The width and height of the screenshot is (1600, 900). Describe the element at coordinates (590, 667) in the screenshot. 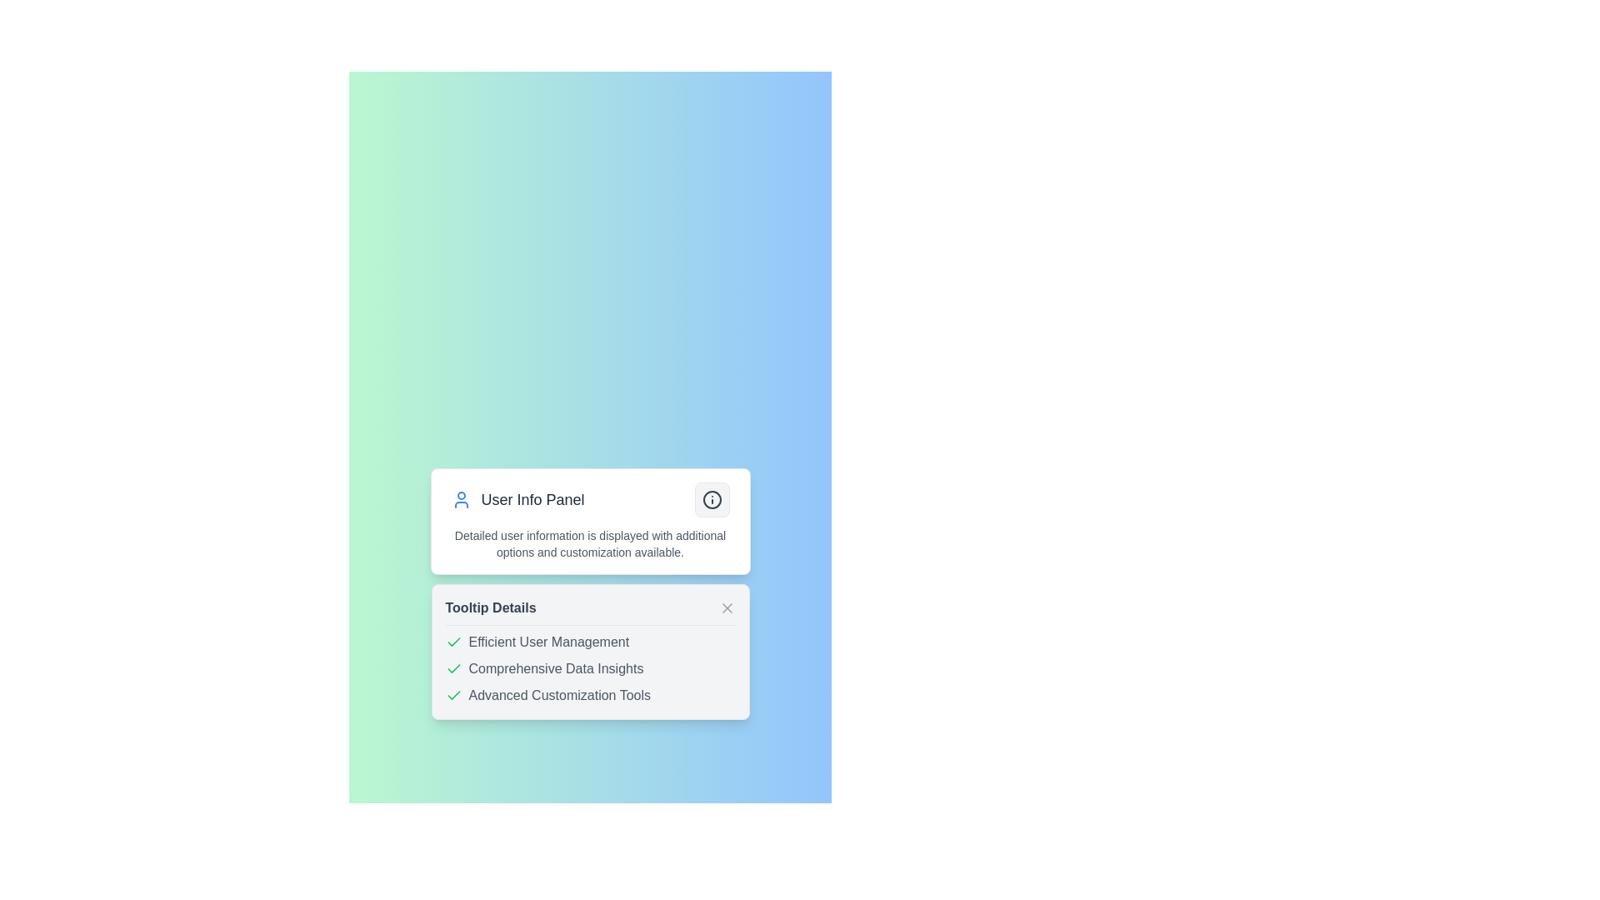

I see `the second list item in the tooltip panel, which contains a green check mark icon followed by the text label 'Comprehensive Data Insights'` at that location.